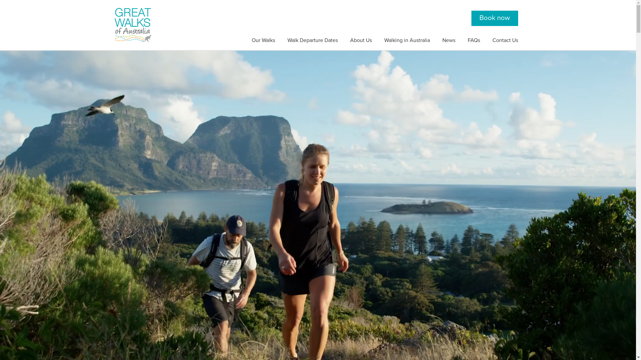 This screenshot has width=641, height=360. I want to click on 'About Us', so click(360, 41).